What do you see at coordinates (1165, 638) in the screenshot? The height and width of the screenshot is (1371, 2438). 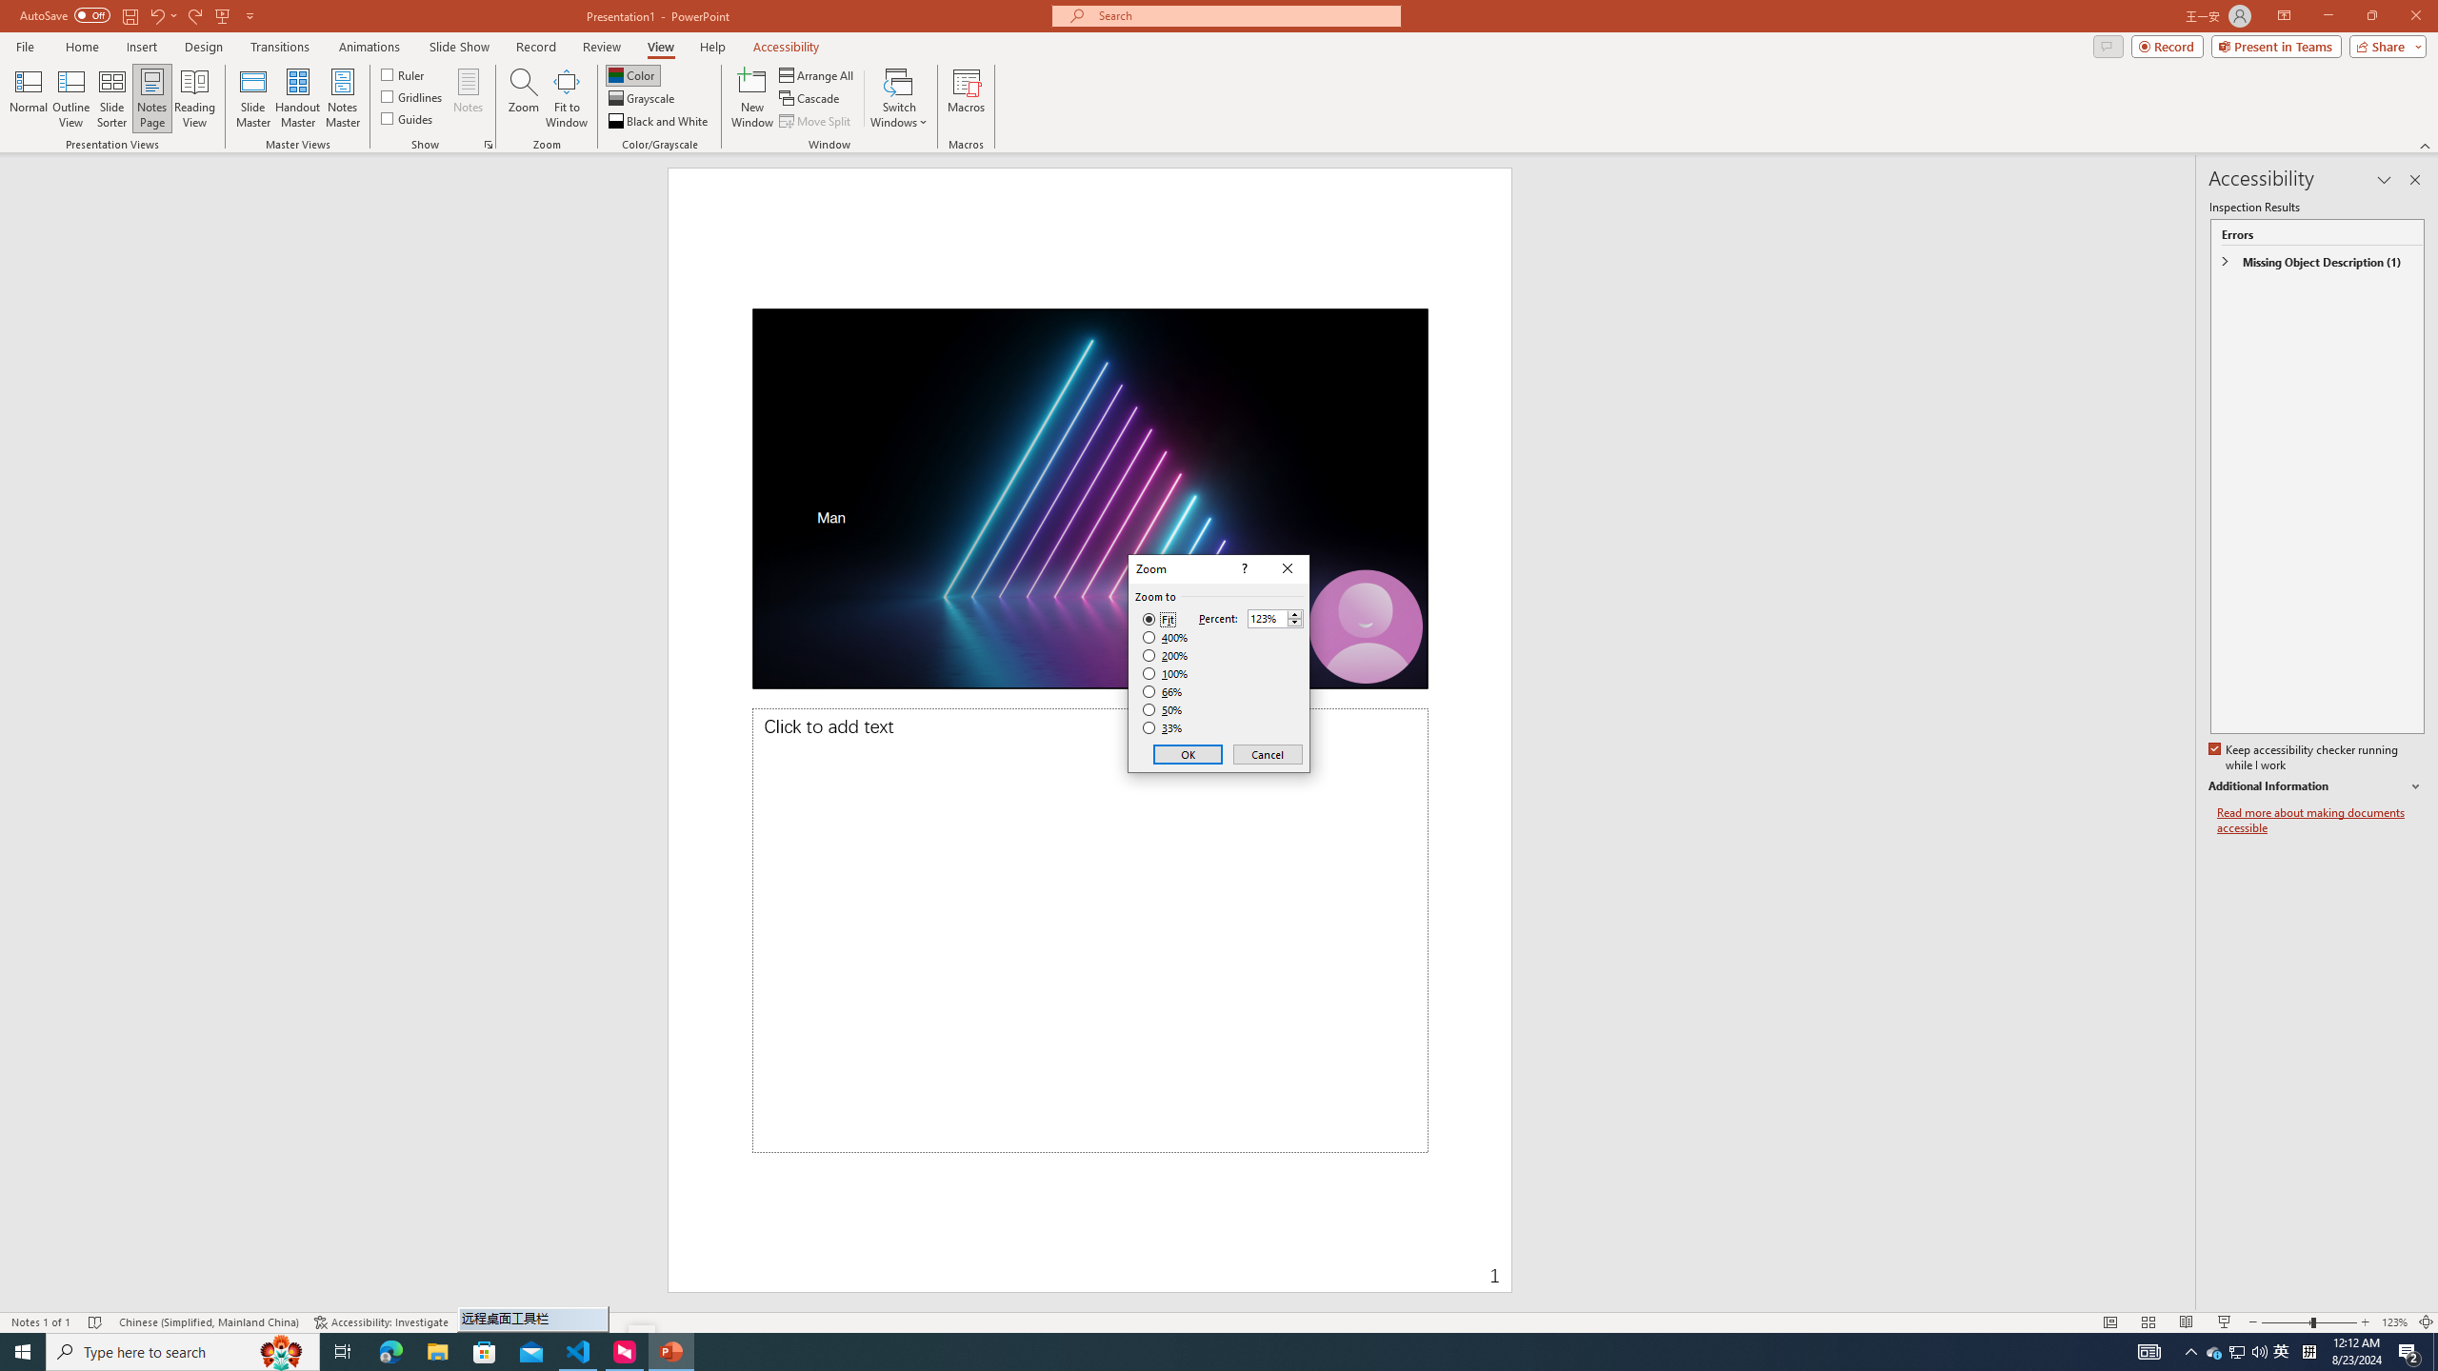 I see `'400%'` at bounding box center [1165, 638].